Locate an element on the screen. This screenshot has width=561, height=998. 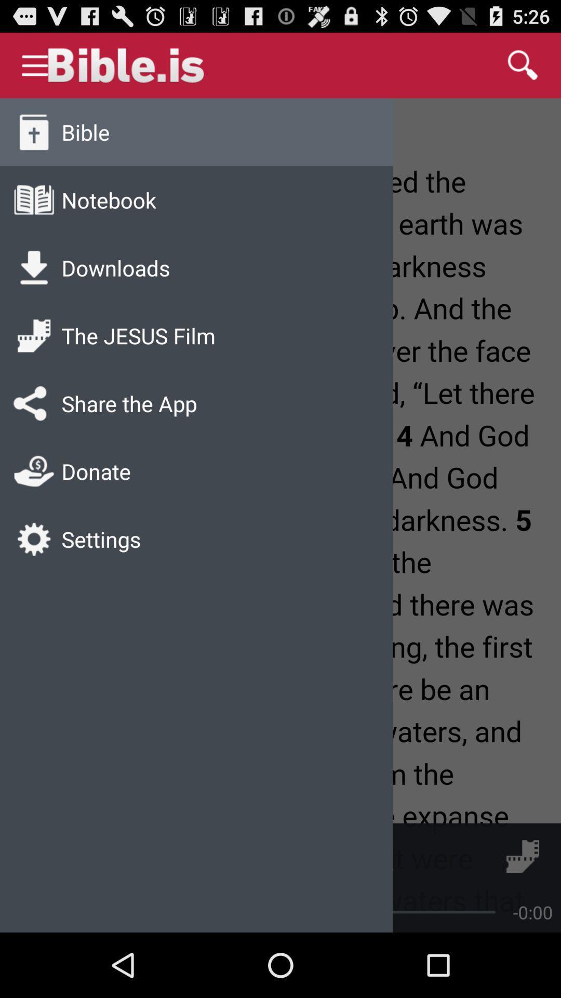
the icon of the jesus film is located at coordinates (33, 336).